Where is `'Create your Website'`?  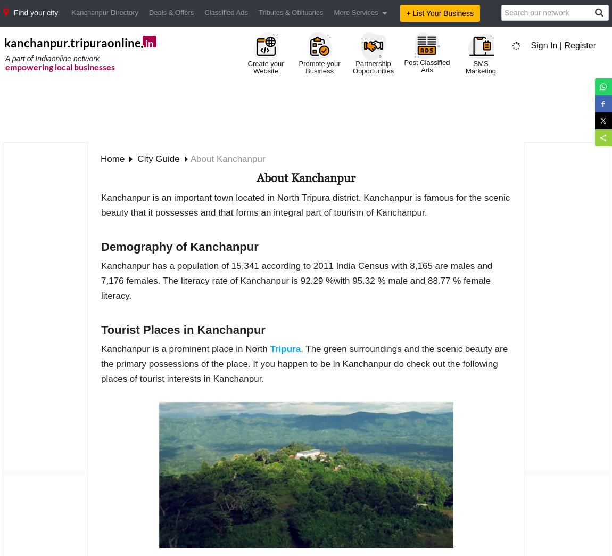
'Create your Website' is located at coordinates (265, 67).